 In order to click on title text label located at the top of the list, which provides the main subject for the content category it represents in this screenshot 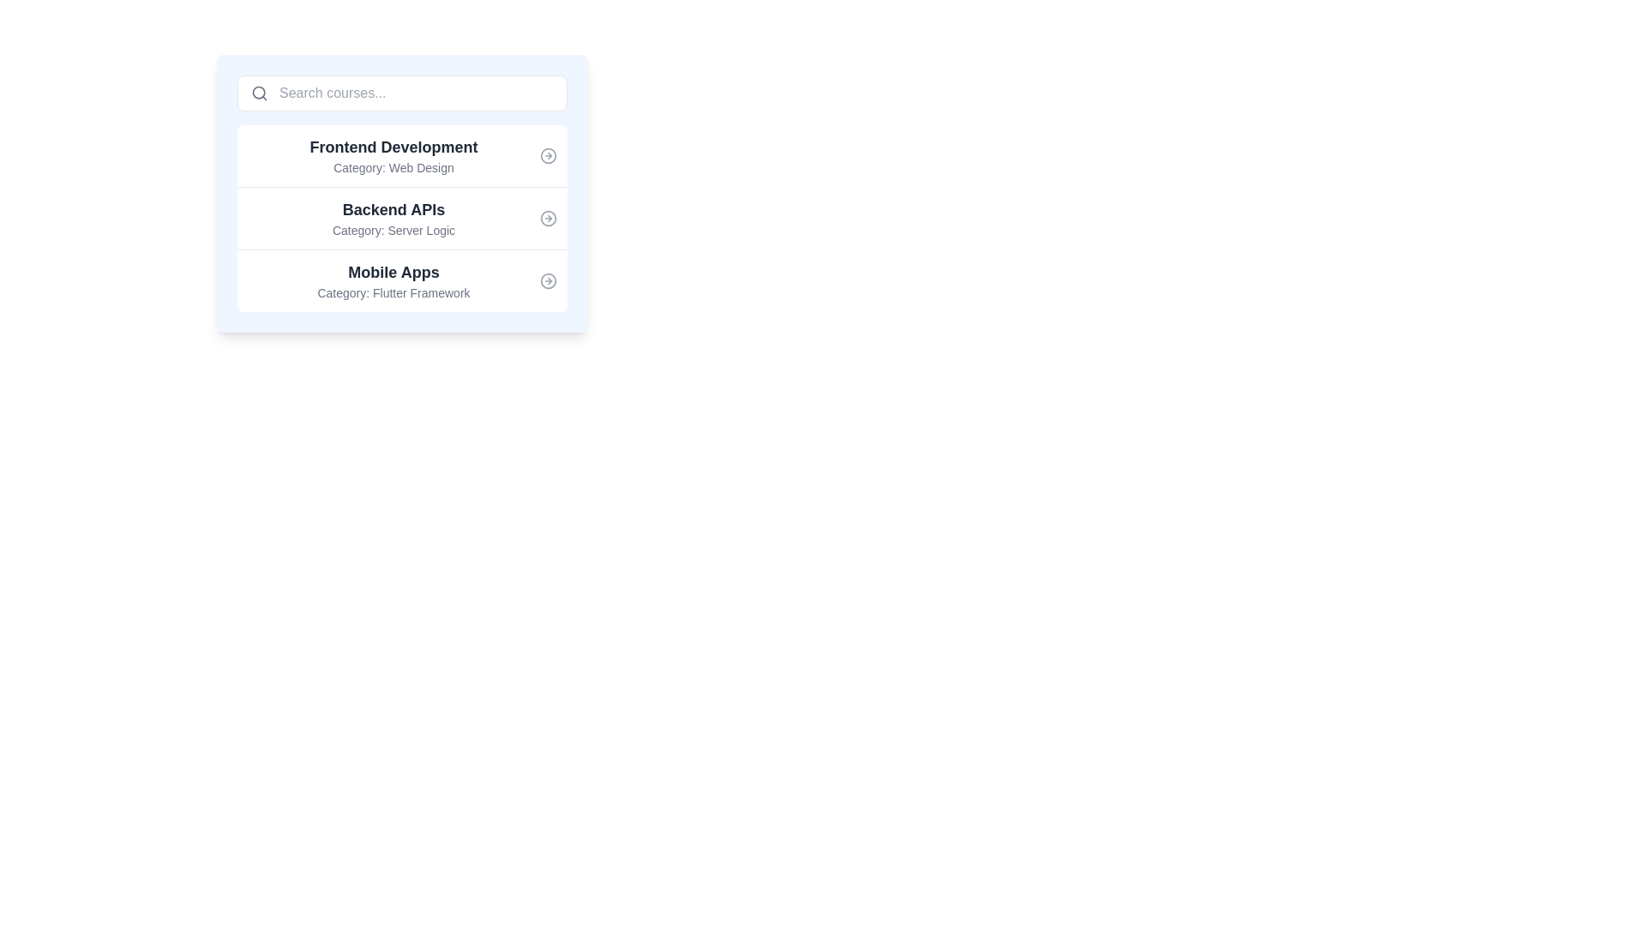, I will do `click(393, 147)`.